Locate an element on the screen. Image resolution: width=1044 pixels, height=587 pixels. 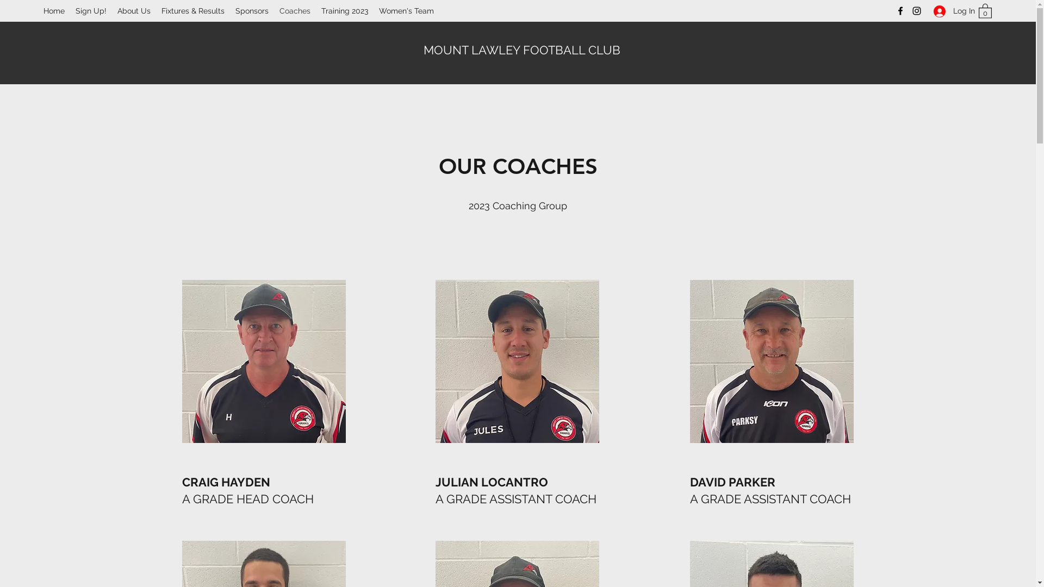
'Training 2023' is located at coordinates (344, 10).